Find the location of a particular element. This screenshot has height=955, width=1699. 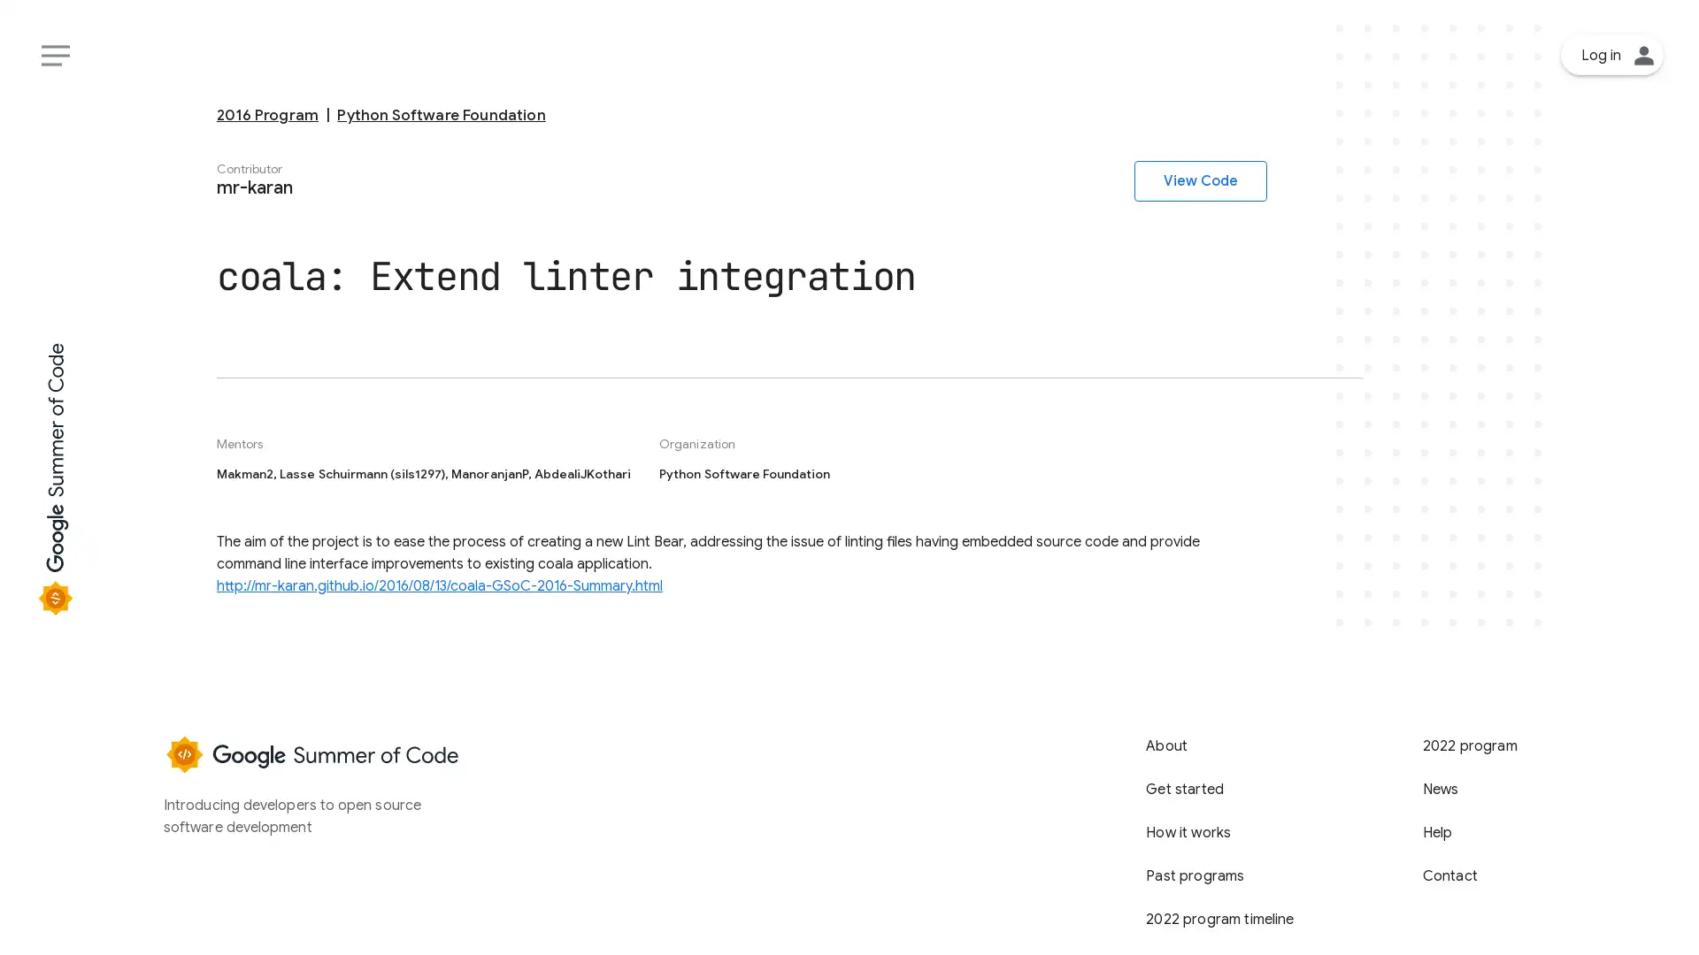

Open Menu is located at coordinates (55, 54).